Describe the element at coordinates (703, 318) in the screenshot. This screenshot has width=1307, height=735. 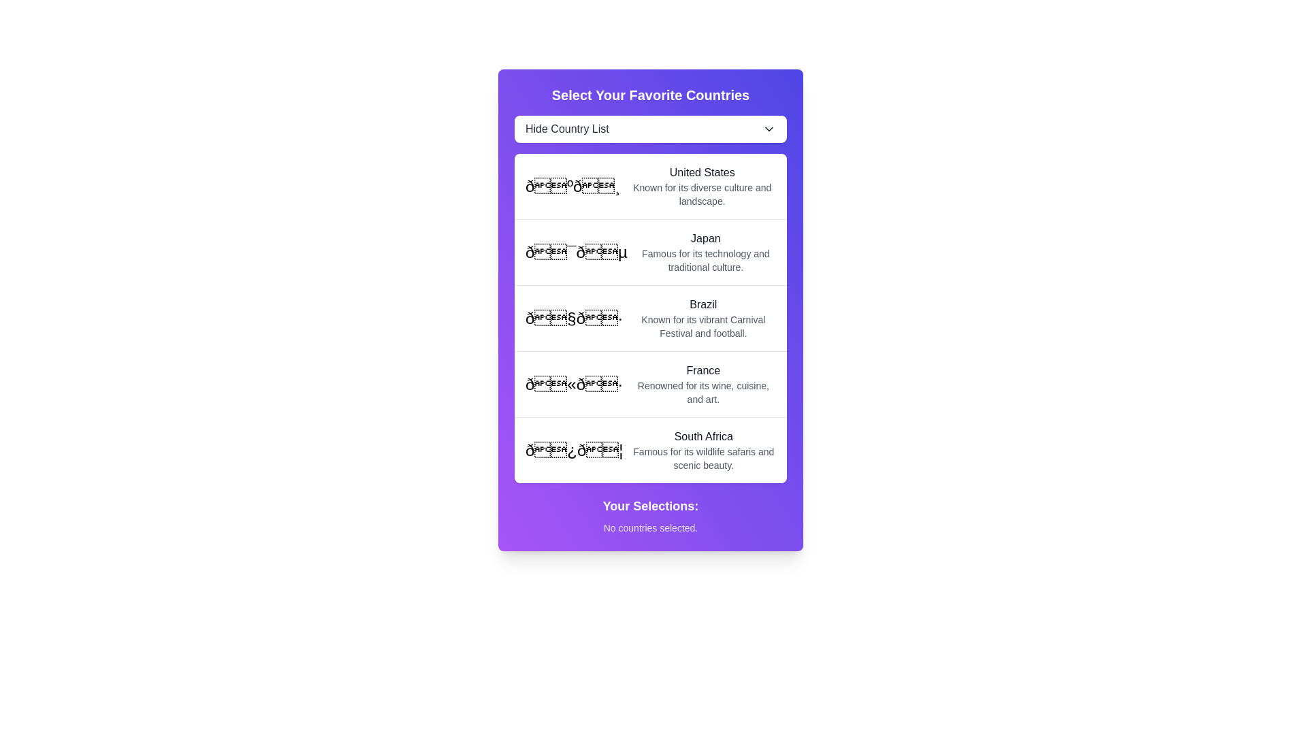
I see `the text block providing information about Brazil, which is the third item in a list, located between the entries for Japan and France` at that location.